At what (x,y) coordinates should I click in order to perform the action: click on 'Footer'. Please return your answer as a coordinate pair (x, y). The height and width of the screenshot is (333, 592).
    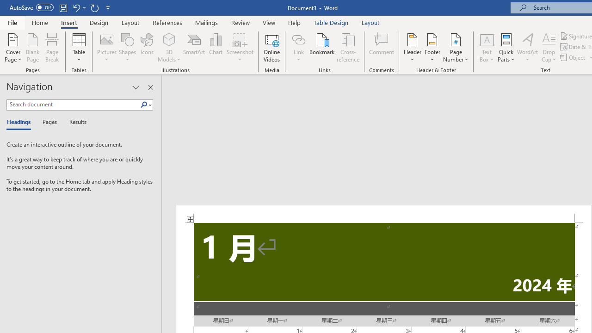
    Looking at the image, I should click on (432, 48).